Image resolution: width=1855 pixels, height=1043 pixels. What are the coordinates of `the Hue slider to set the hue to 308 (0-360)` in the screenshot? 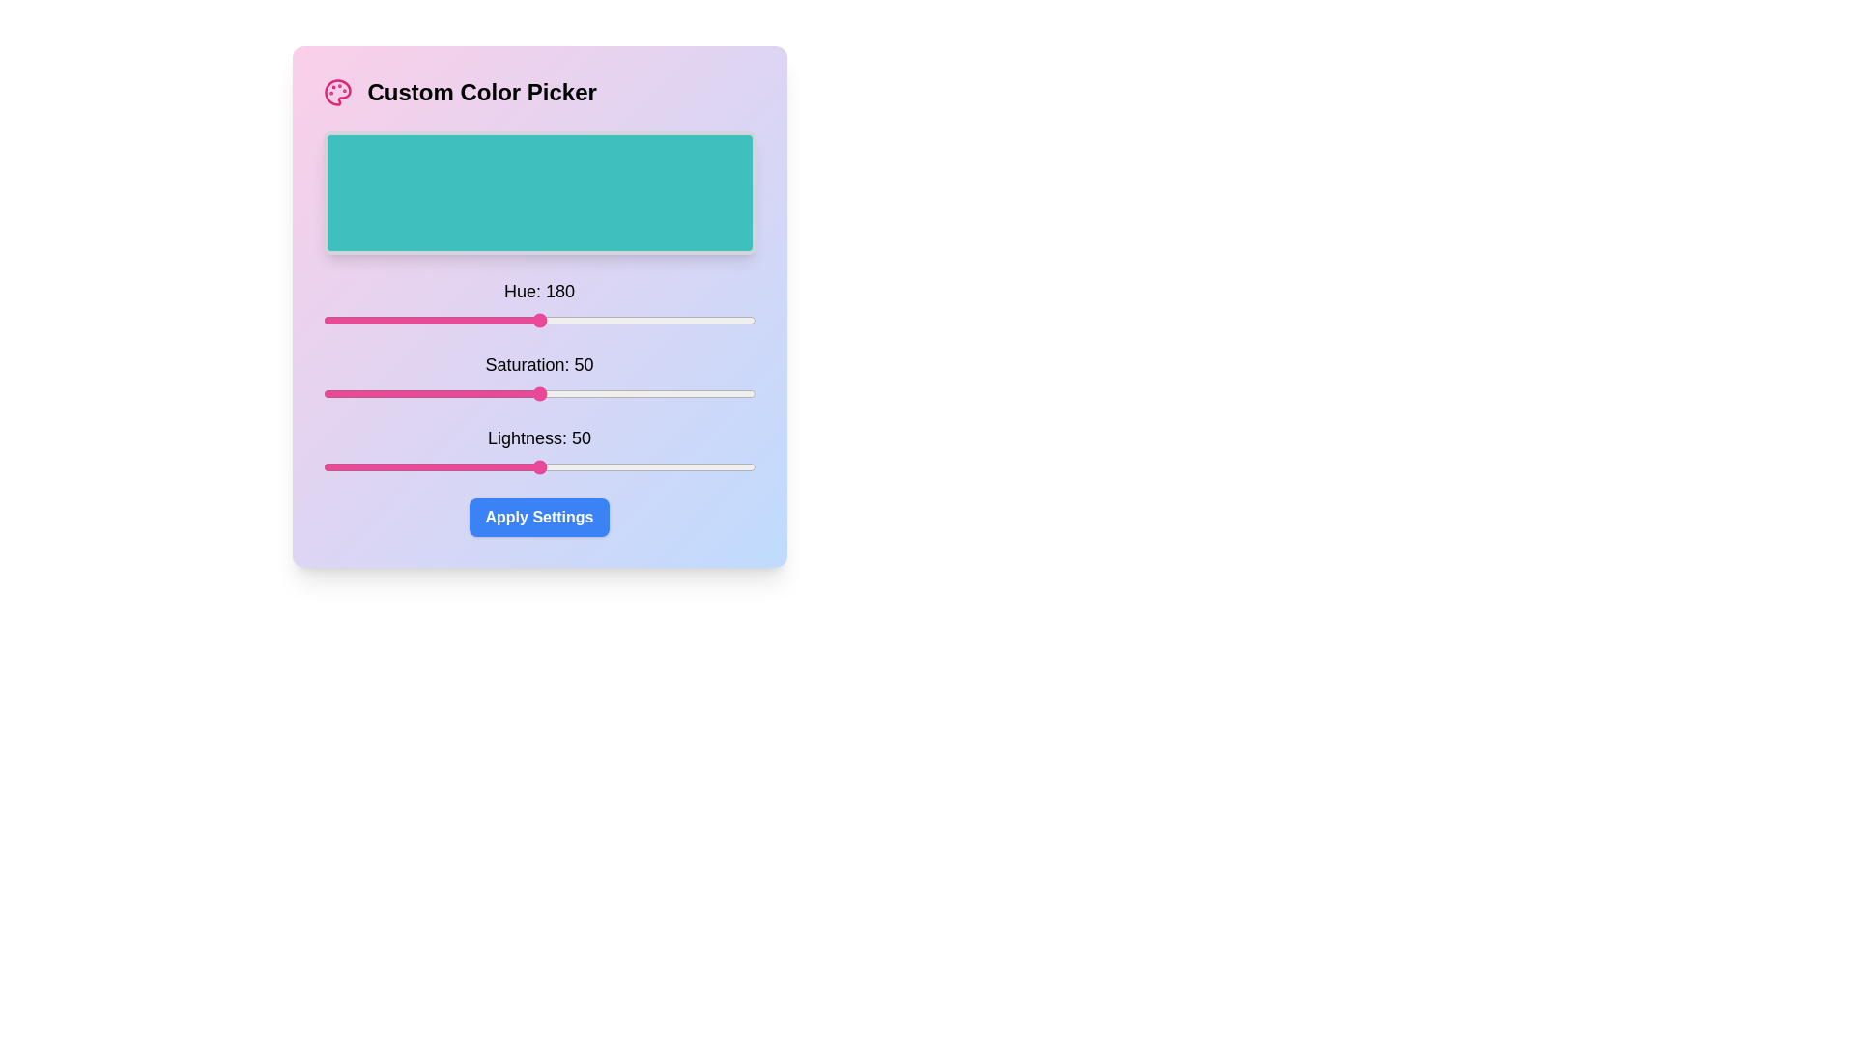 It's located at (693, 319).